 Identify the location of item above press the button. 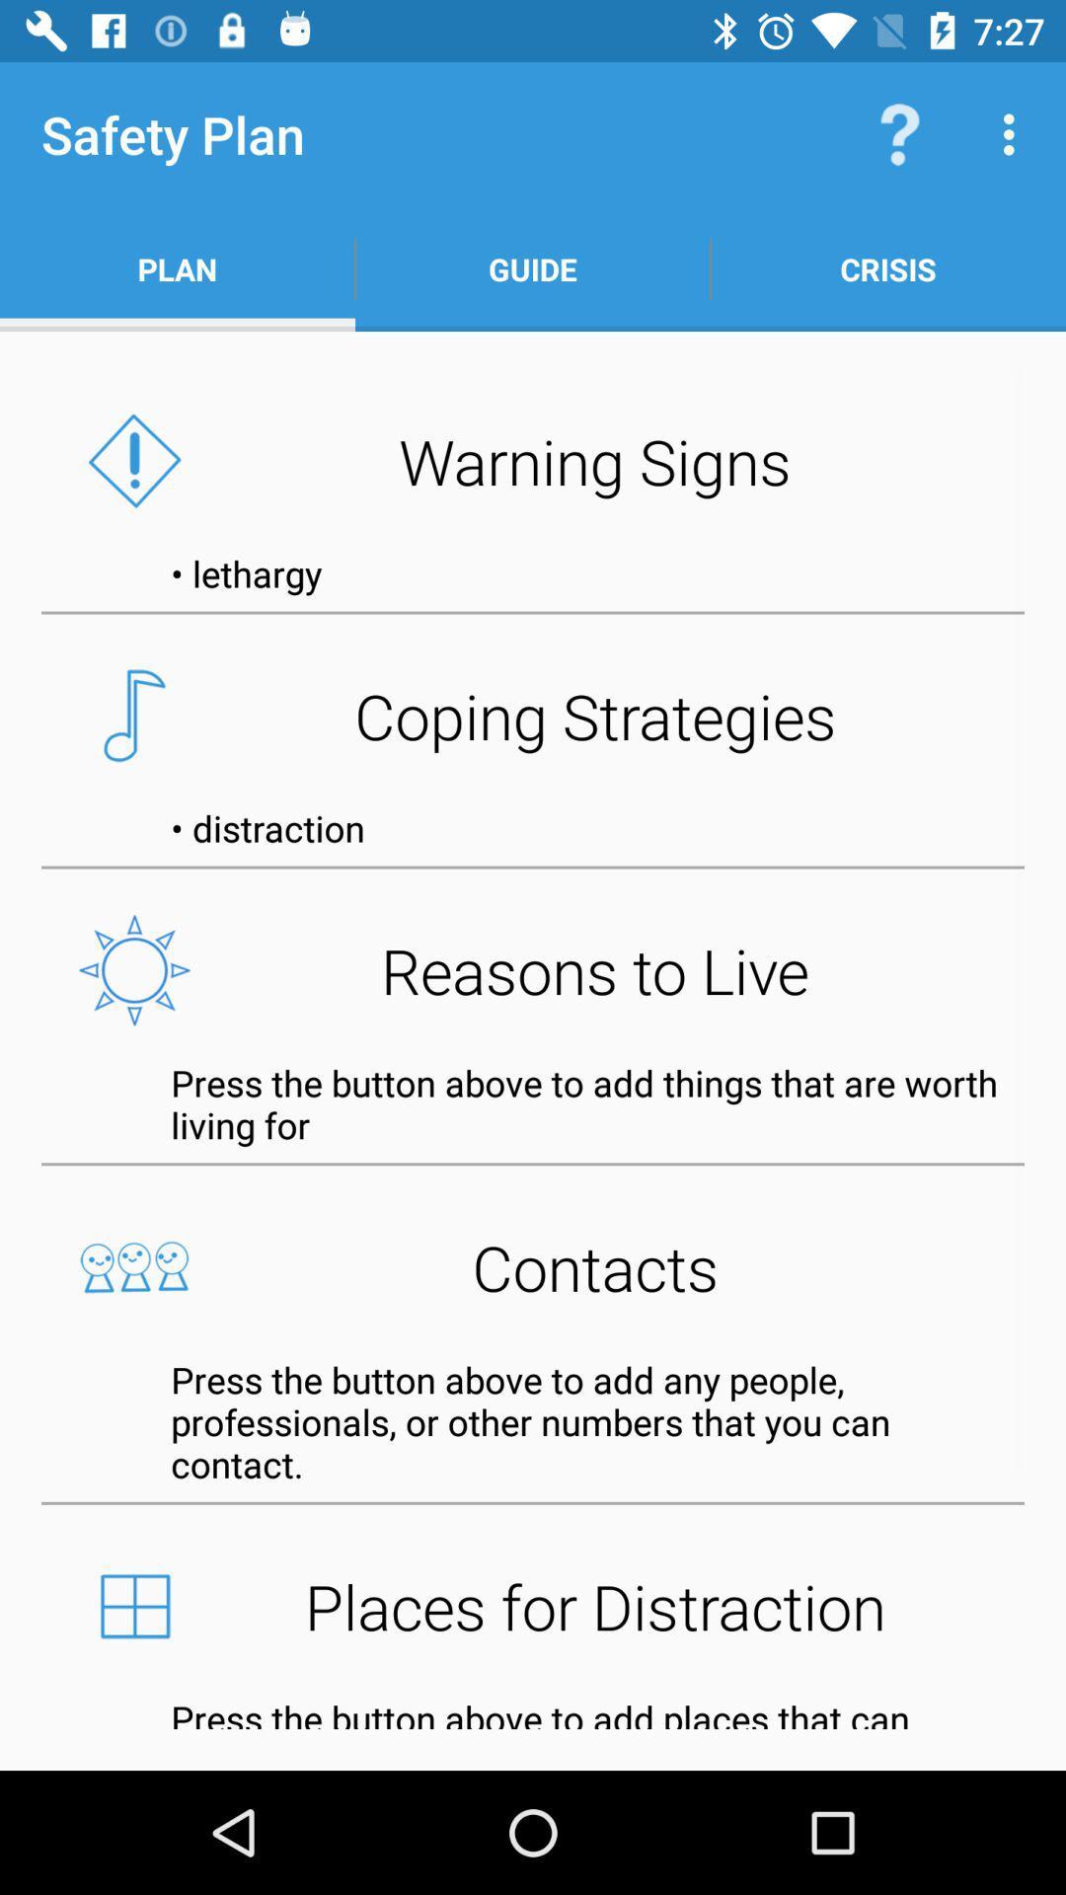
(533, 1606).